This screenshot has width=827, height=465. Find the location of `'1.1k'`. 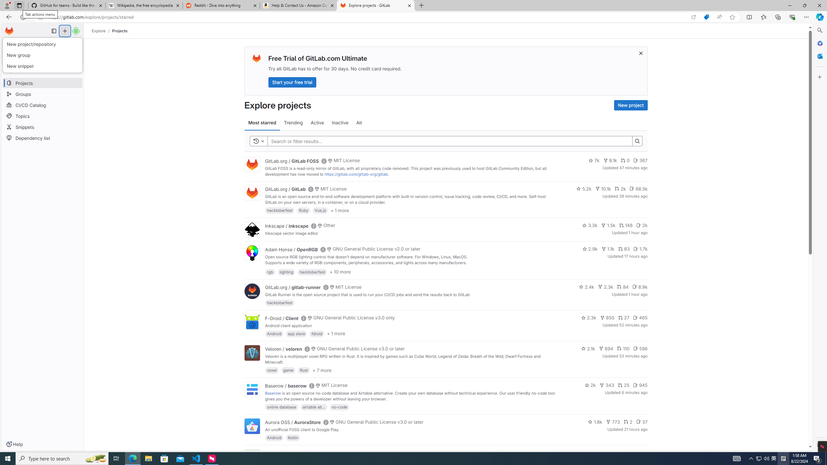

'1.1k' is located at coordinates (607, 249).